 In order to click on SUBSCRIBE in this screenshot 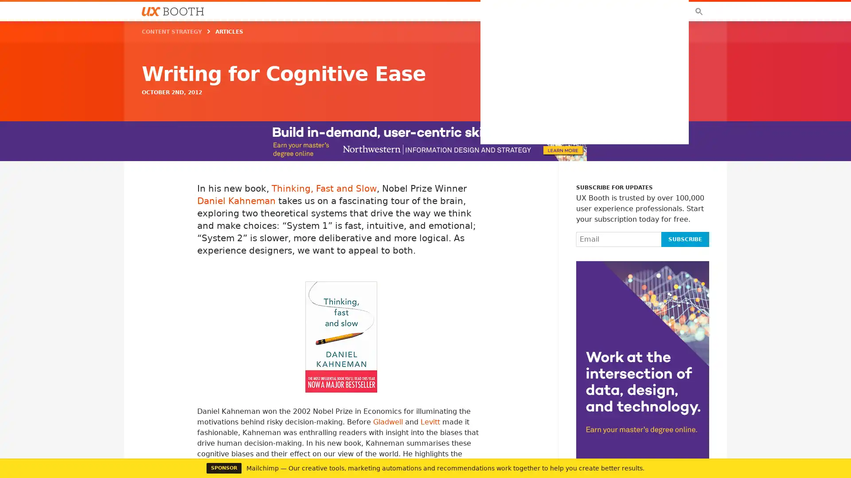, I will do `click(684, 239)`.